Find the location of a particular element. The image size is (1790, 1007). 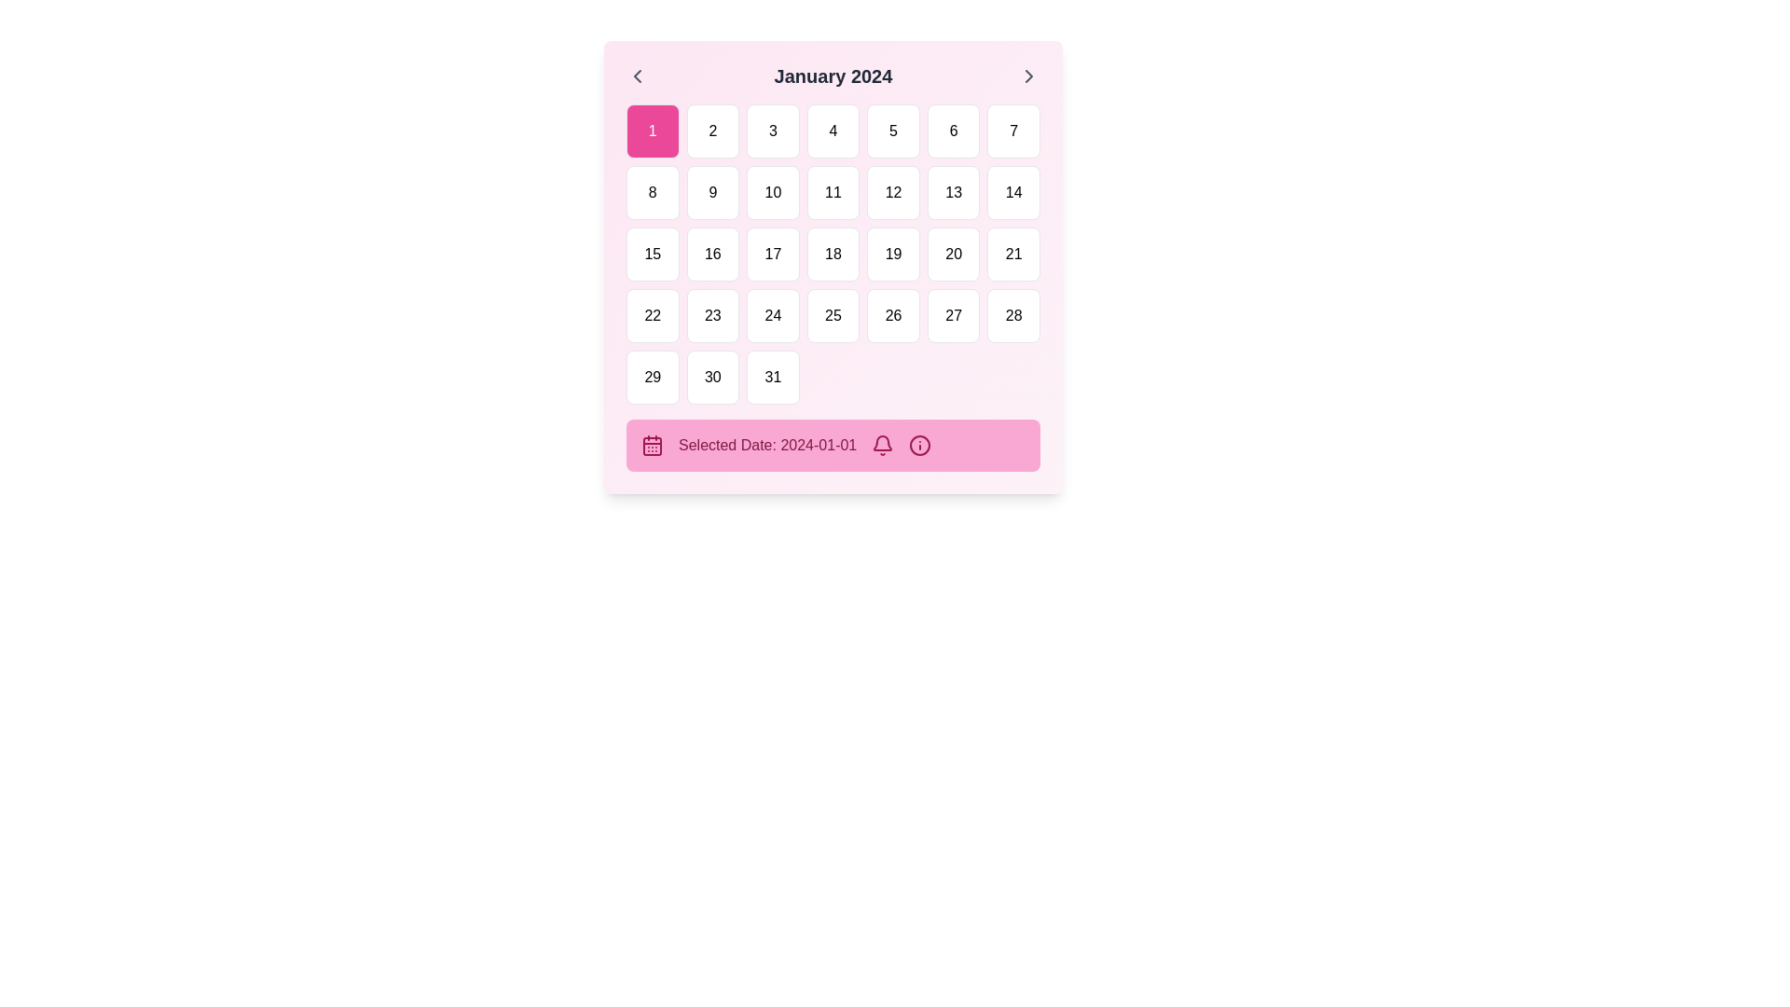

the text label indicating the currently selected month and year in the date picker interface, which is centrally positioned in the header bar between two navigation arrows is located at coordinates (832, 75).